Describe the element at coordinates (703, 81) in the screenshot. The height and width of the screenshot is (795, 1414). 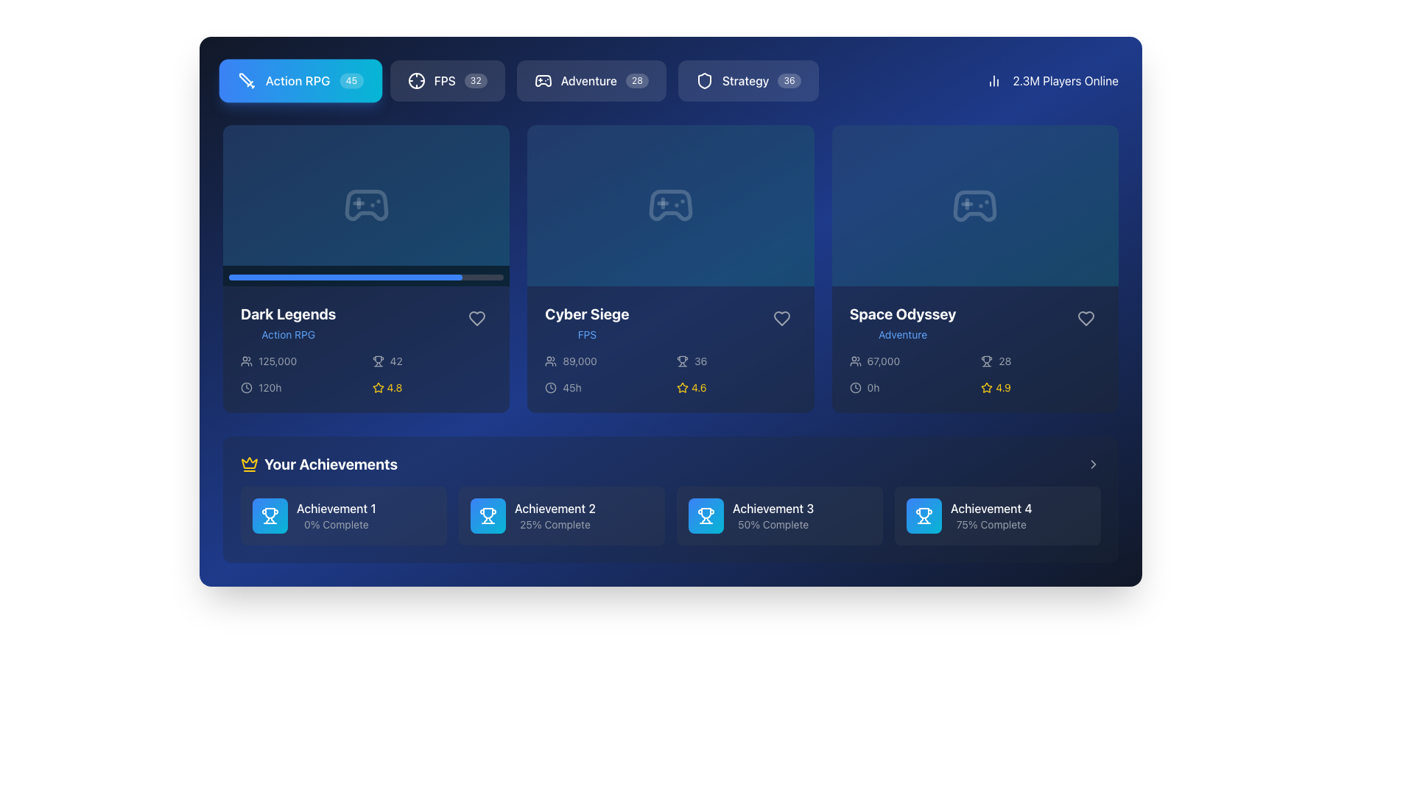
I see `the shield icon in the header section` at that location.